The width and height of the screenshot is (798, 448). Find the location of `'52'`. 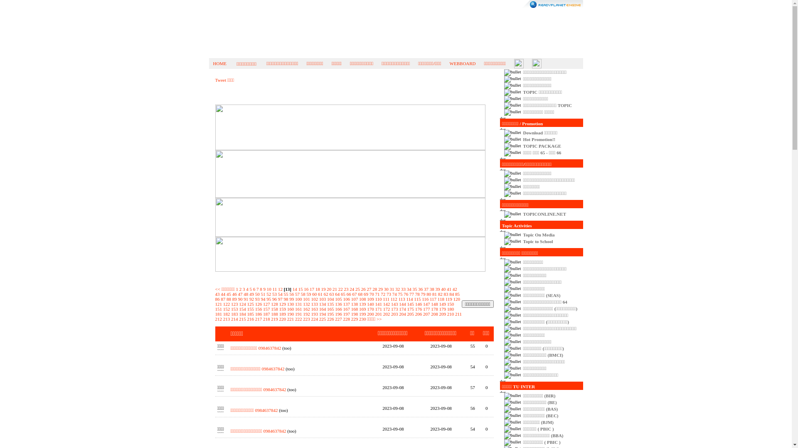

'52' is located at coordinates (268, 294).